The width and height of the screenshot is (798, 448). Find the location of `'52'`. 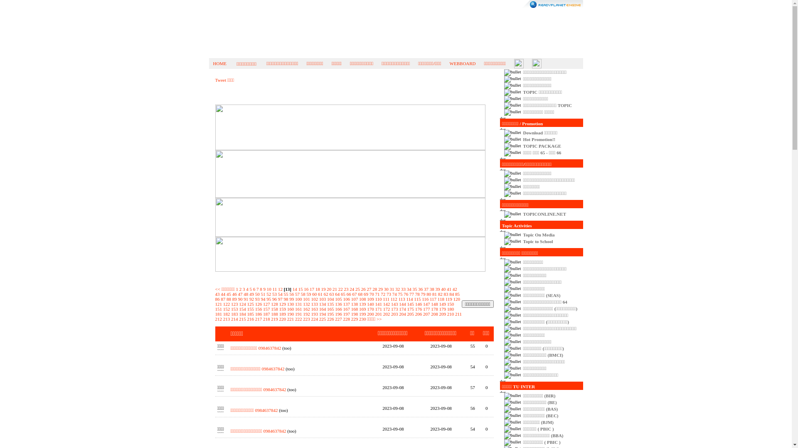

'52' is located at coordinates (268, 294).